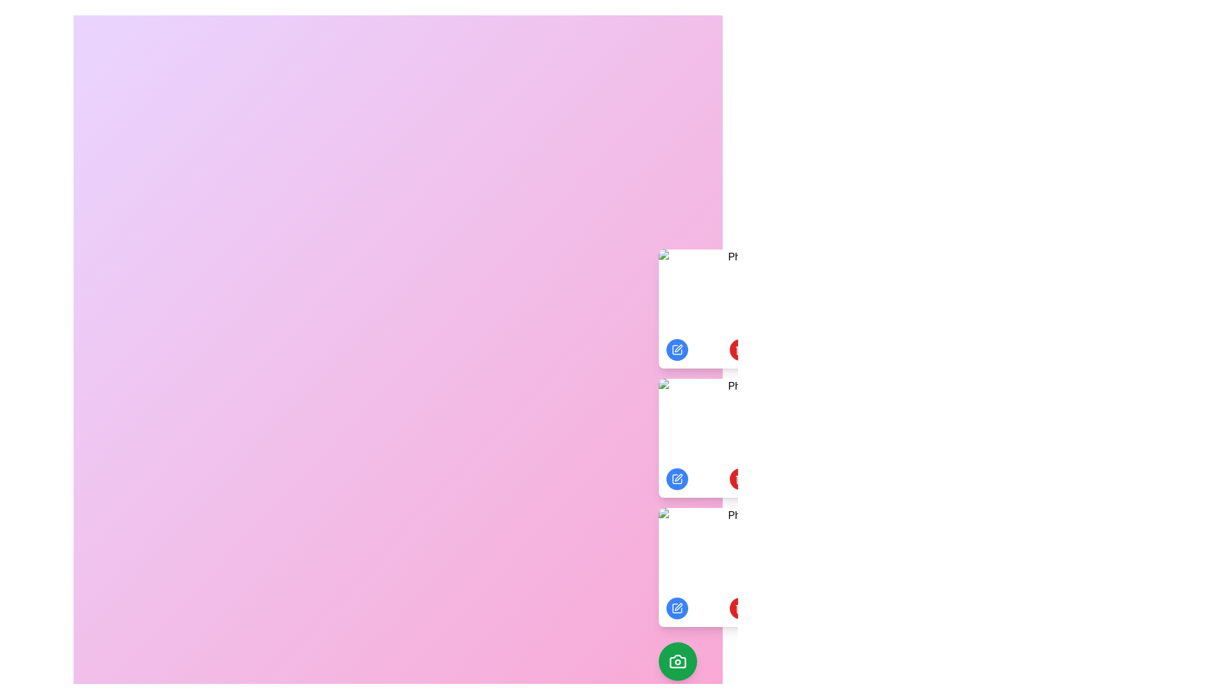 The width and height of the screenshot is (1228, 691). I want to click on delete button under the photo labeled 'Photo 3' to delete it, so click(740, 608).